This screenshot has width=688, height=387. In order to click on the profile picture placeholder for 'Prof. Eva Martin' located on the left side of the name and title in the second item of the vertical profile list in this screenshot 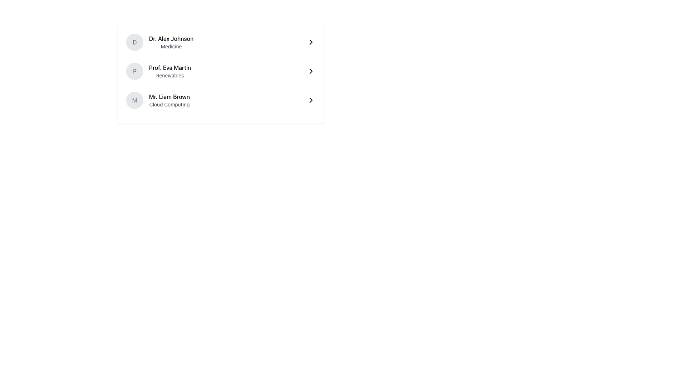, I will do `click(134, 71)`.